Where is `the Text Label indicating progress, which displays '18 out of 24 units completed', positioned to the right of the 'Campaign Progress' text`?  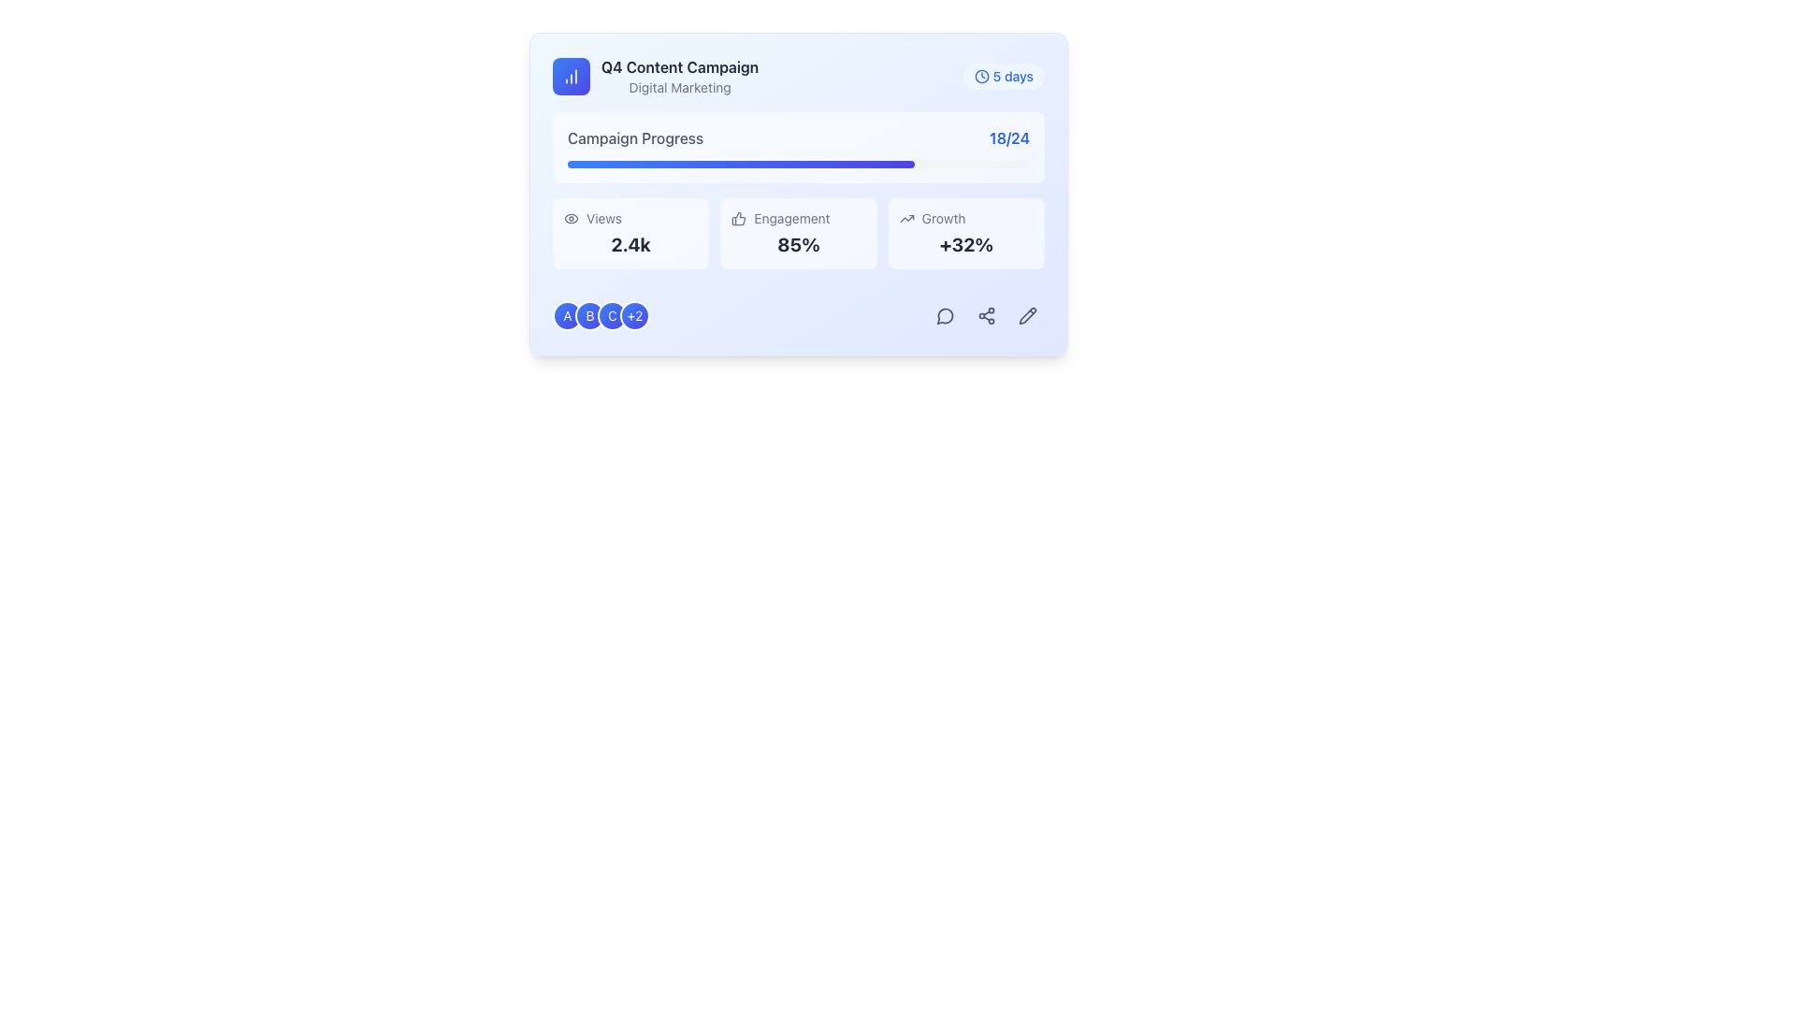 the Text Label indicating progress, which displays '18 out of 24 units completed', positioned to the right of the 'Campaign Progress' text is located at coordinates (1008, 137).